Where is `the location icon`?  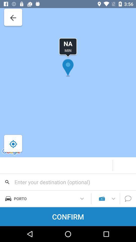 the location icon is located at coordinates (68, 79).